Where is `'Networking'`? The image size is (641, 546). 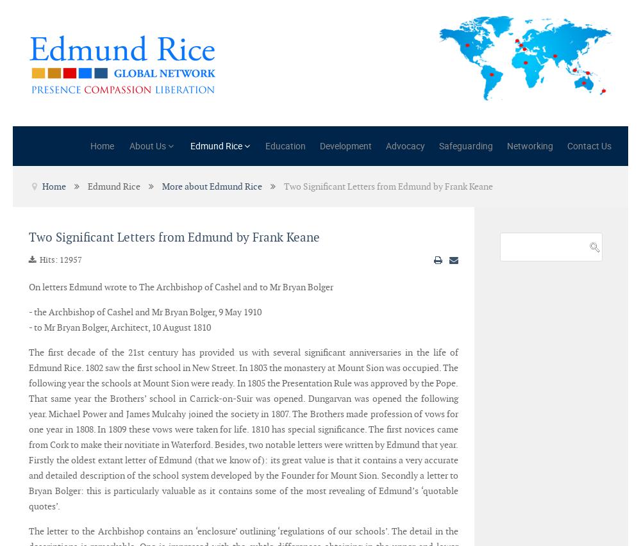 'Networking' is located at coordinates (507, 145).